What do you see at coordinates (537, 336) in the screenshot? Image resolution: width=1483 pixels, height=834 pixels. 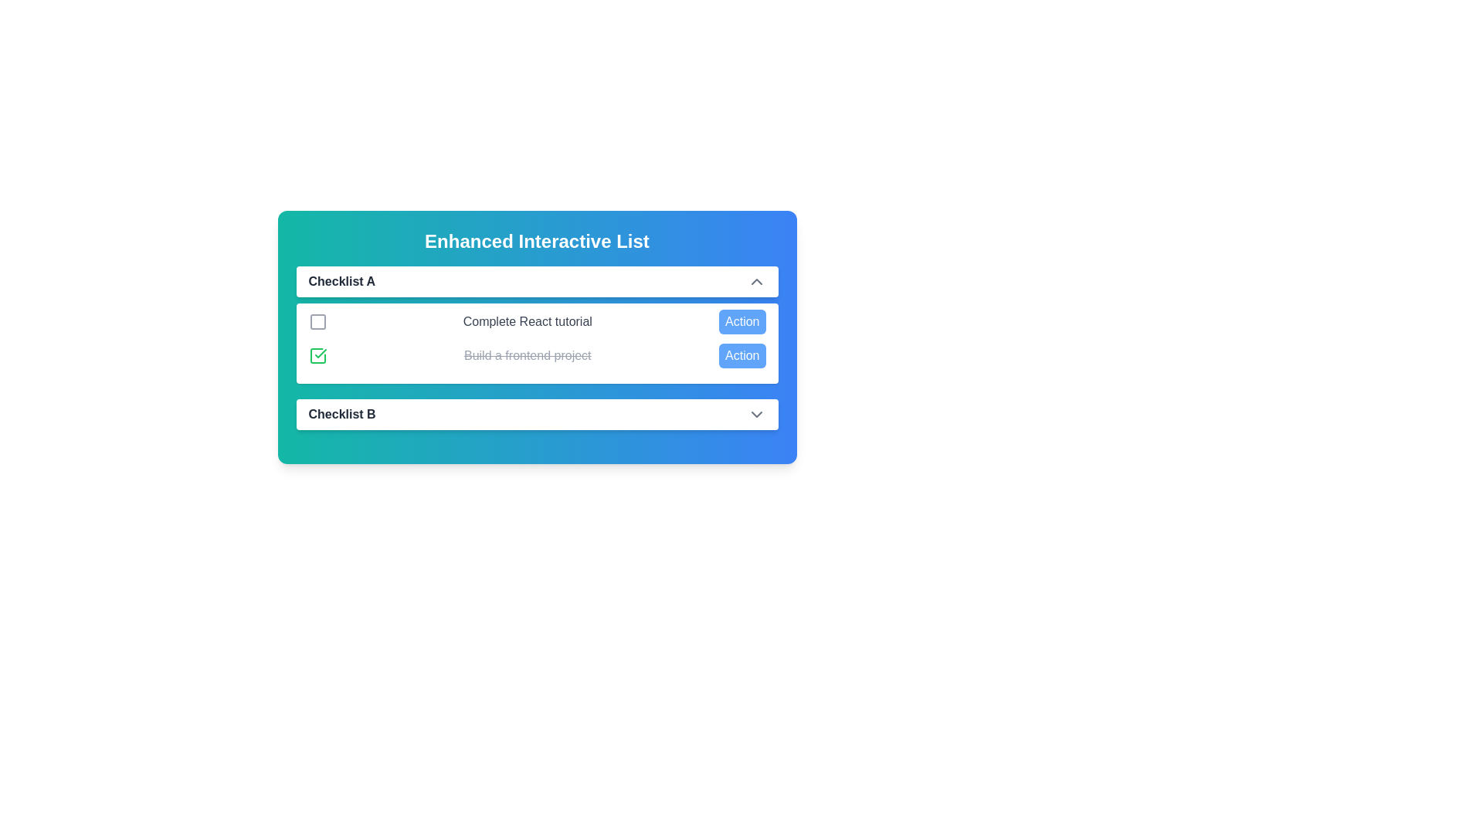 I see `the 'Enhanced Interactive List' component` at bounding box center [537, 336].